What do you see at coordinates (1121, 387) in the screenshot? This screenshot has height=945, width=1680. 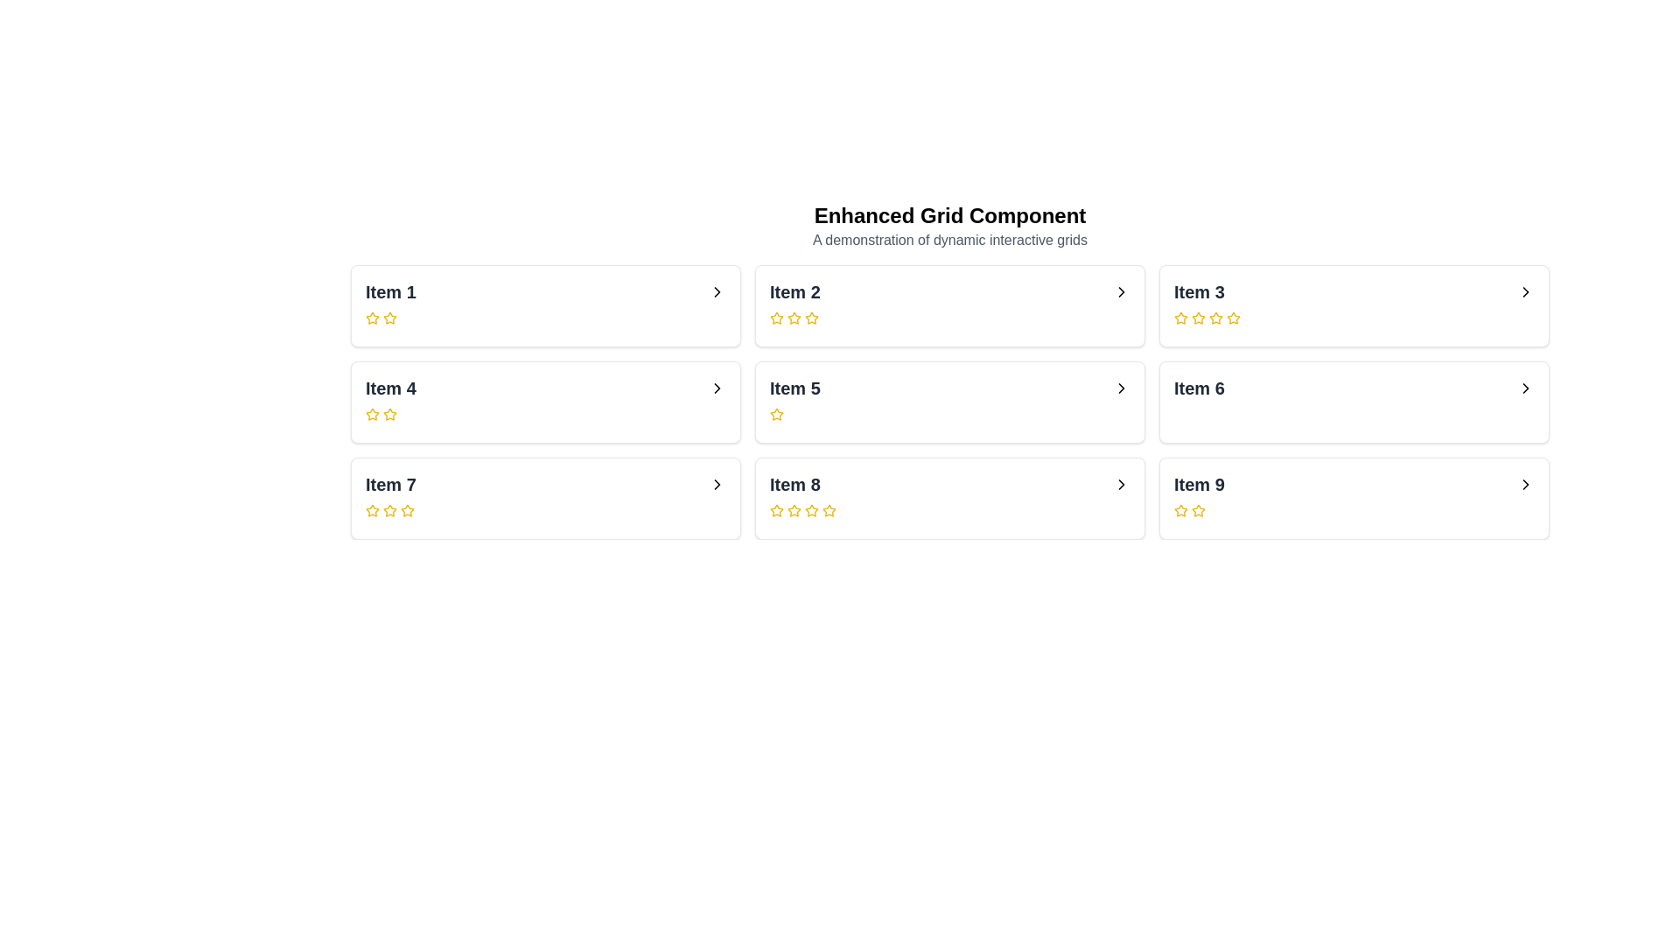 I see `the right-pointing chevron icon button located at the far right of the box labeled Item 5` at bounding box center [1121, 387].